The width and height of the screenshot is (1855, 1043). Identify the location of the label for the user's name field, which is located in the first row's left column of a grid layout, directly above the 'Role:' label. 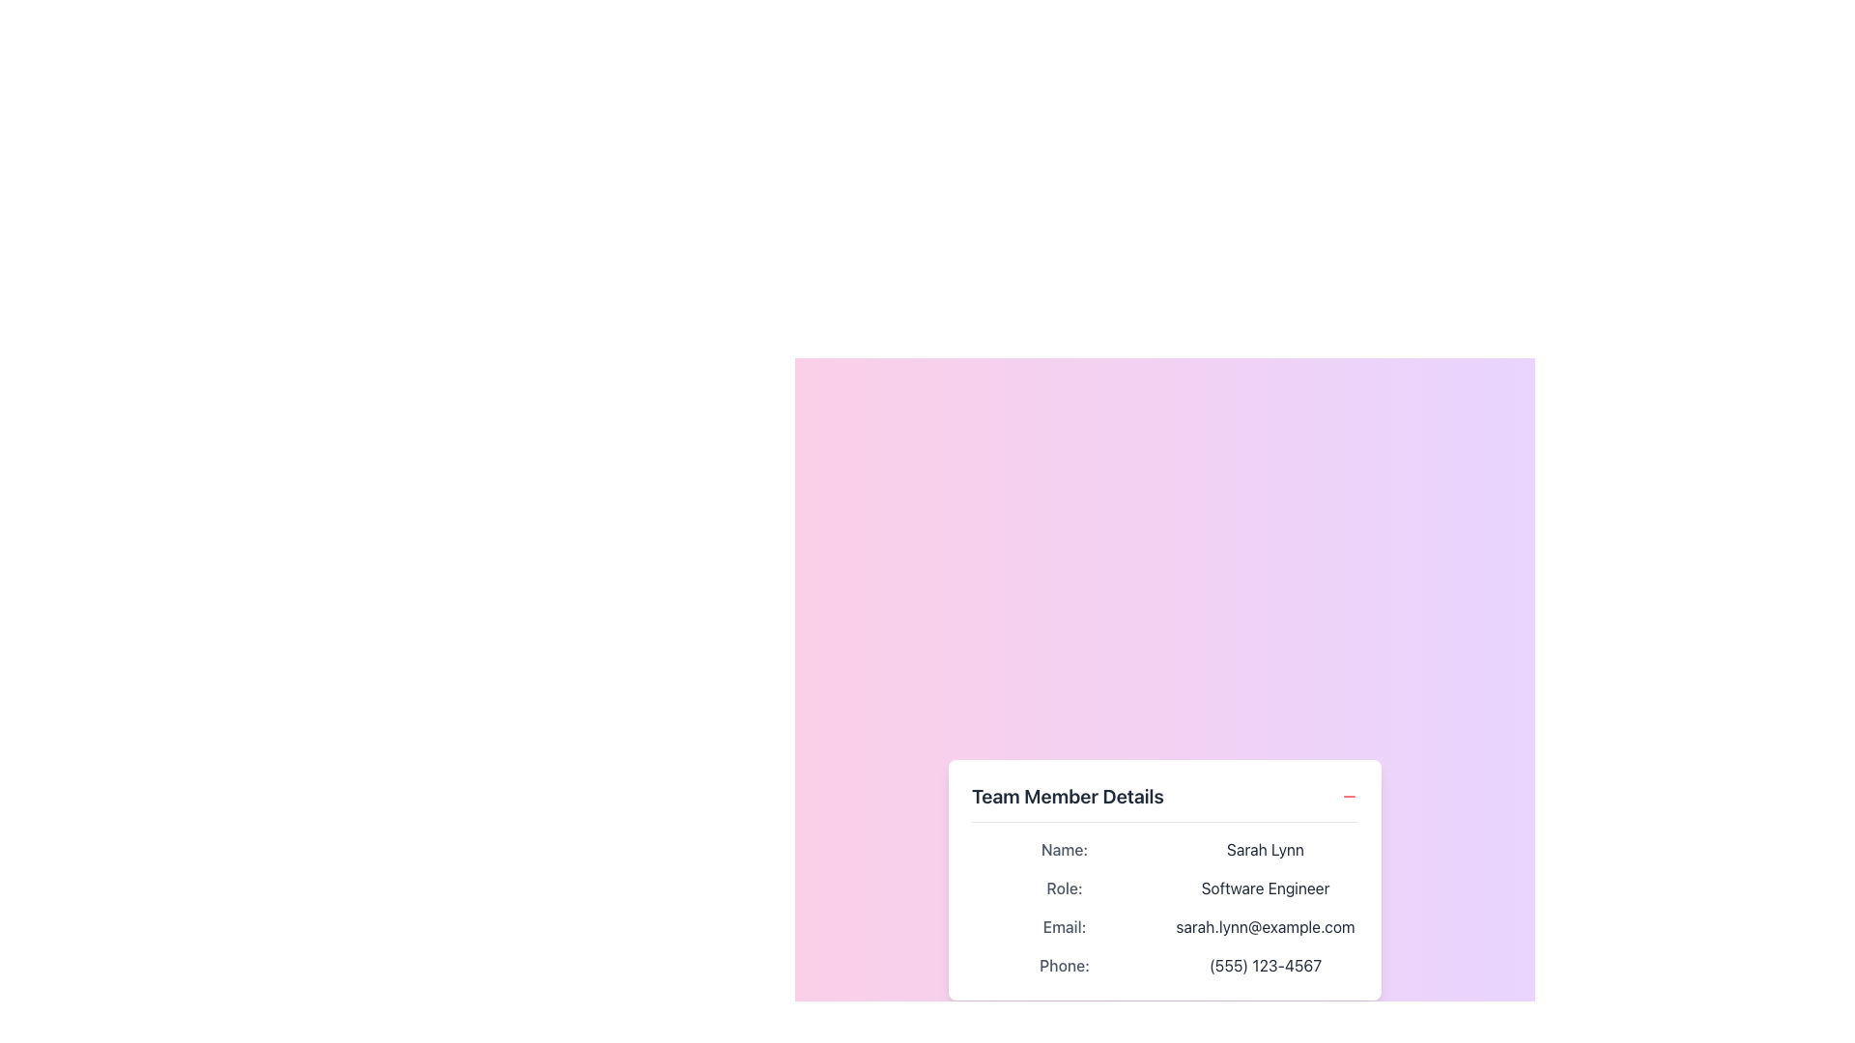
(1064, 848).